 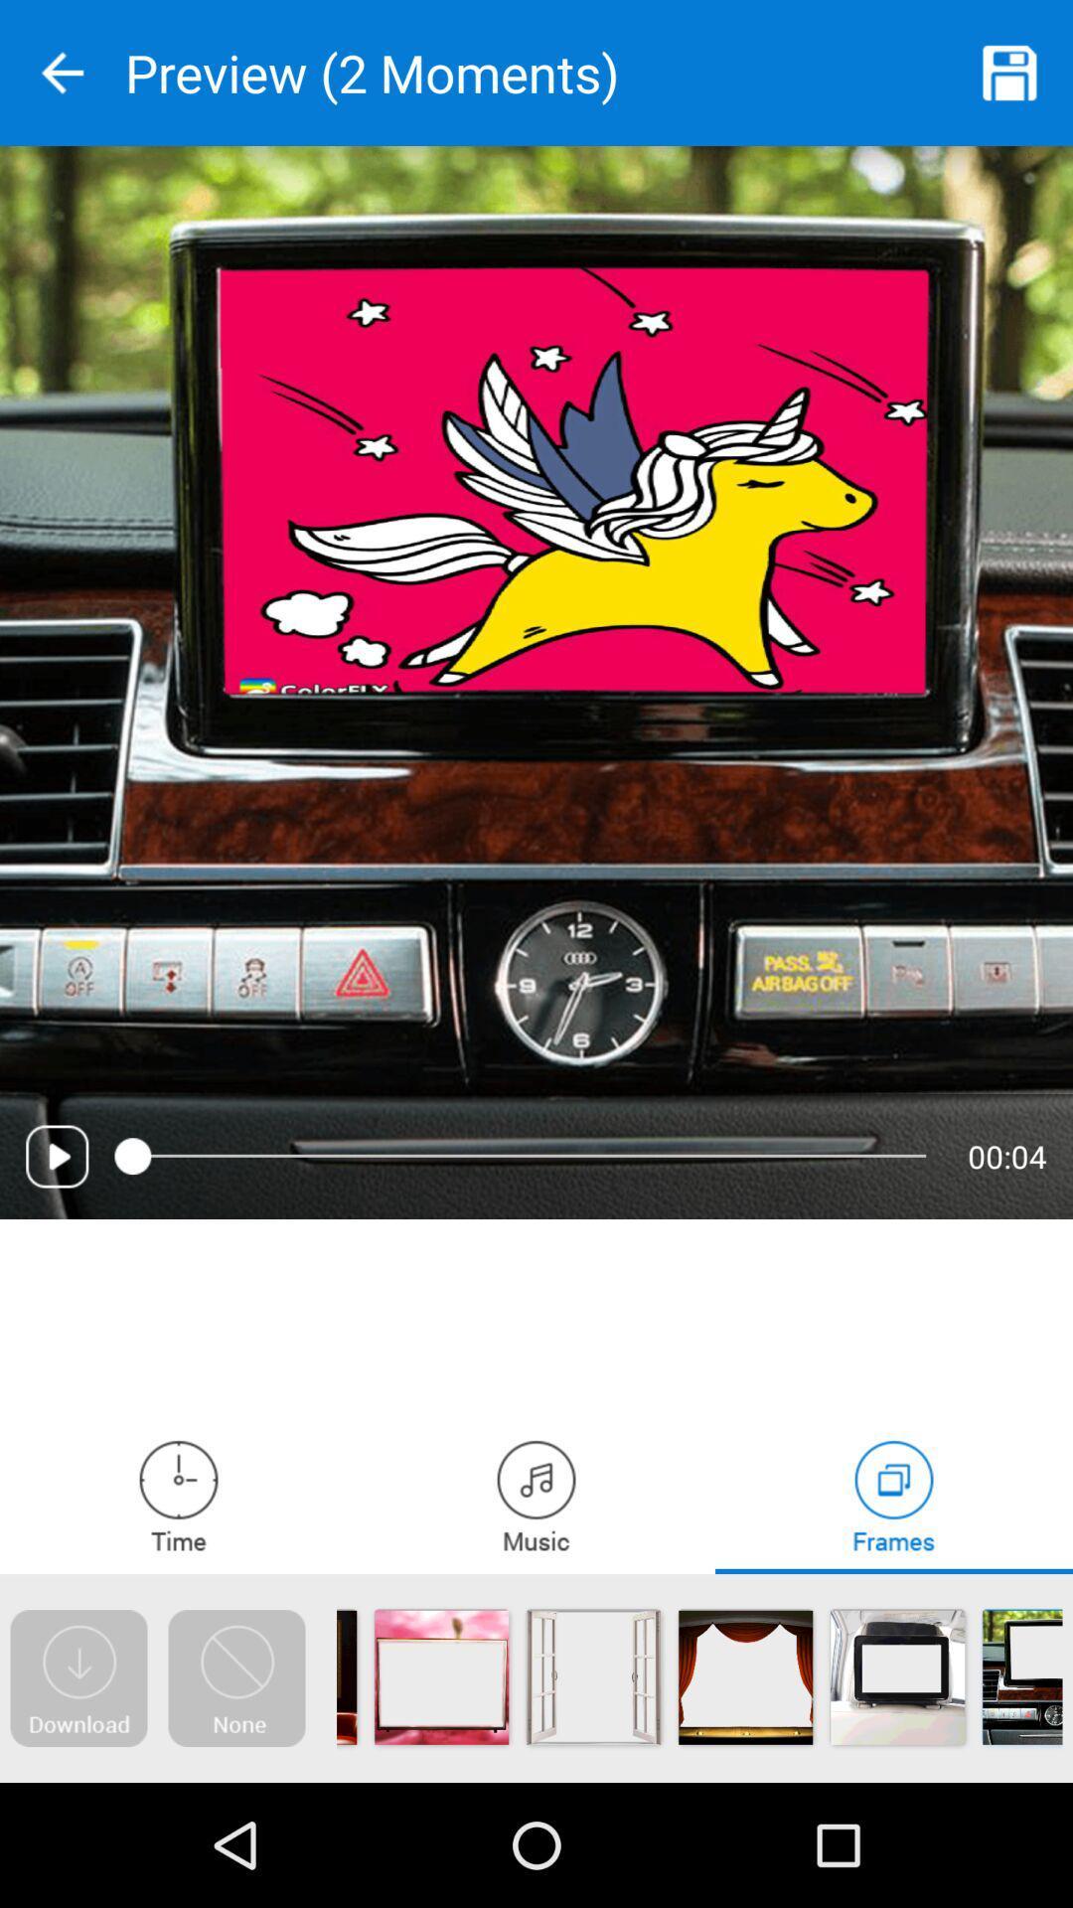 I want to click on the play icon, so click(x=56, y=1156).